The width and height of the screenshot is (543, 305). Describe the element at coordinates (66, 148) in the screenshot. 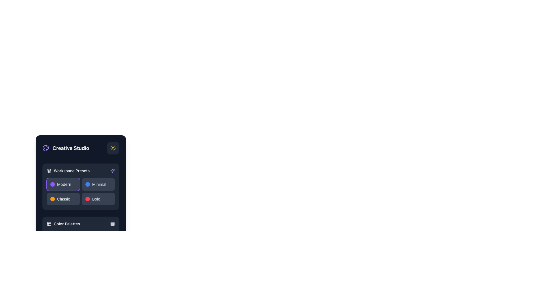

I see `the 'Creative Studio' label, which consists of a painter's palette icon in purple and the text aligned to the right, located in the top-left corner of its section` at that location.